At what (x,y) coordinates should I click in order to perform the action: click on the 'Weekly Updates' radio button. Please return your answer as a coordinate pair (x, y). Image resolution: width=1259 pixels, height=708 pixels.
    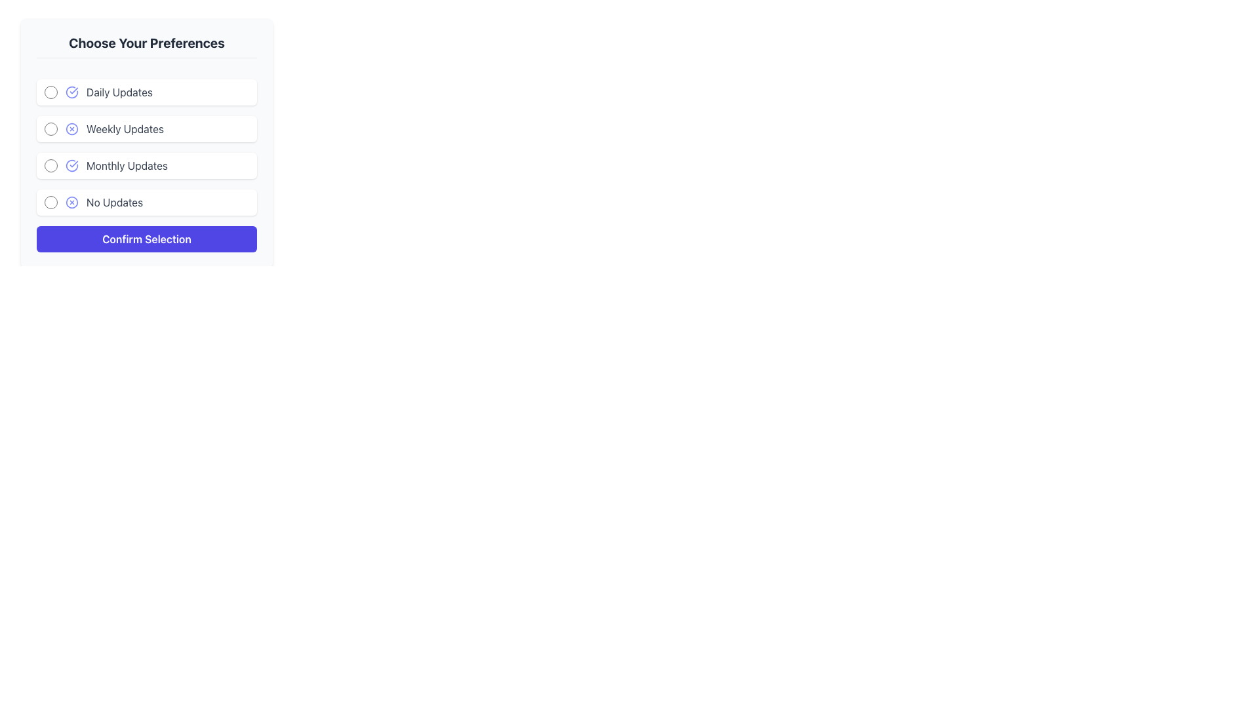
    Looking at the image, I should click on (71, 128).